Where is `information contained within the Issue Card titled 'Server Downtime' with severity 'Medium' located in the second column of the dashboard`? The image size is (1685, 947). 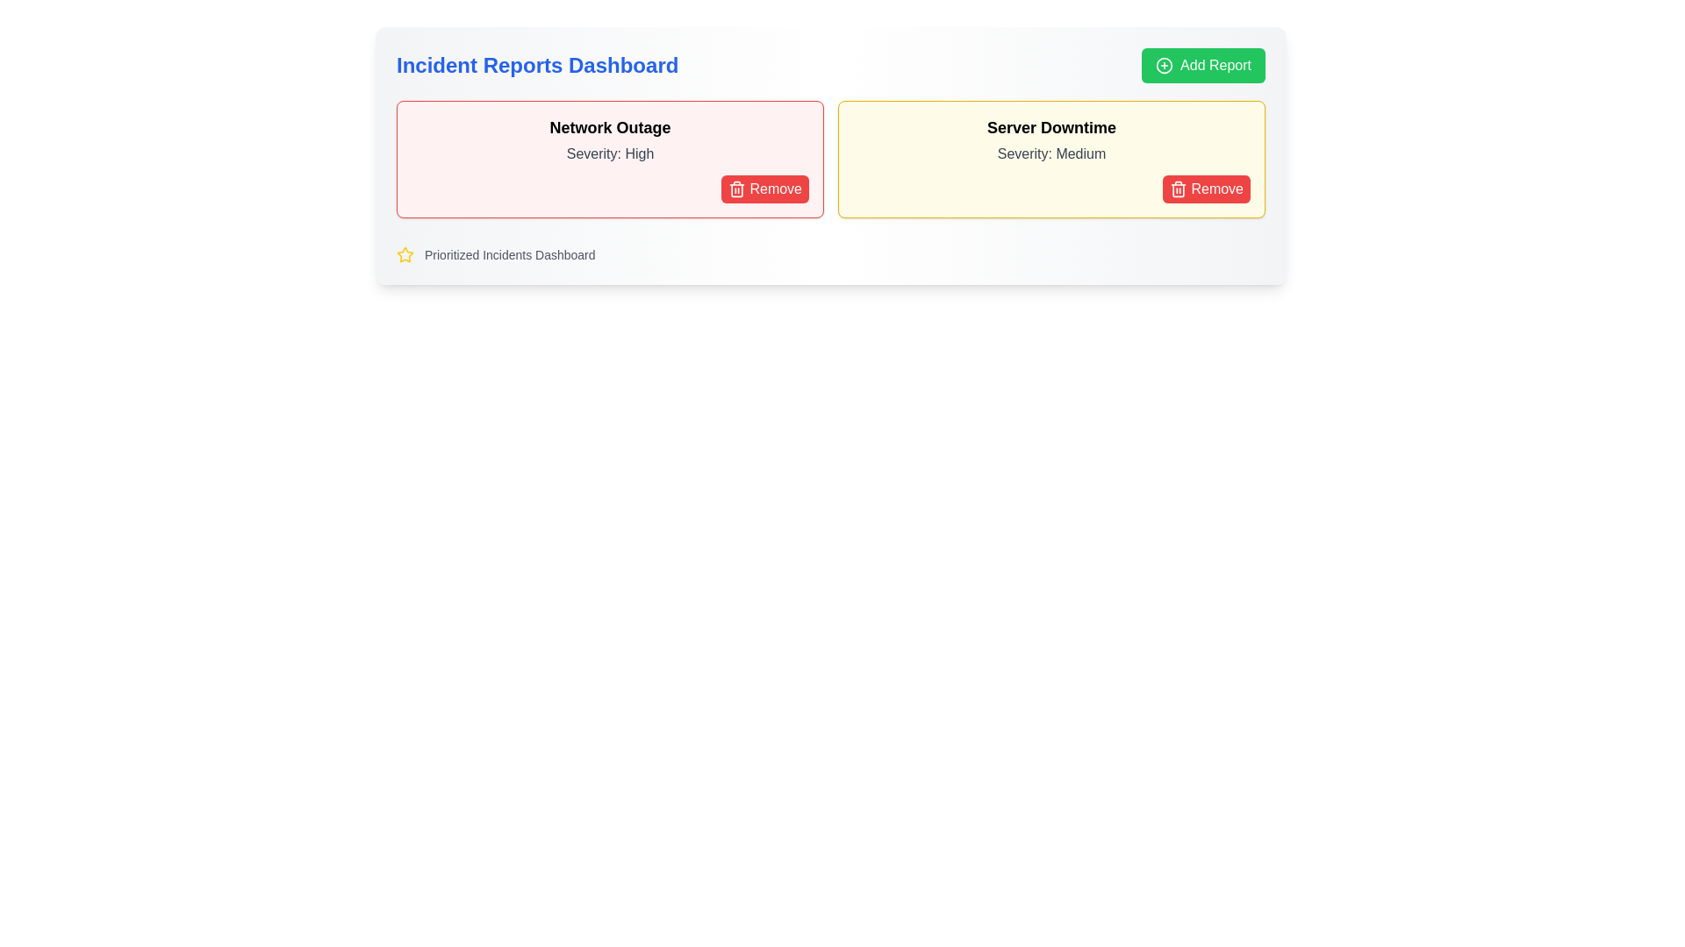
information contained within the Issue Card titled 'Server Downtime' with severity 'Medium' located in the second column of the dashboard is located at coordinates (1051, 159).